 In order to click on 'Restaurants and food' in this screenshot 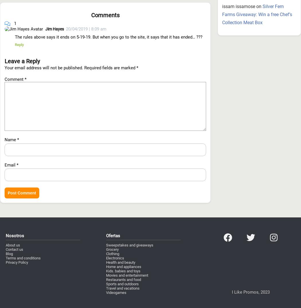, I will do `click(106, 248)`.